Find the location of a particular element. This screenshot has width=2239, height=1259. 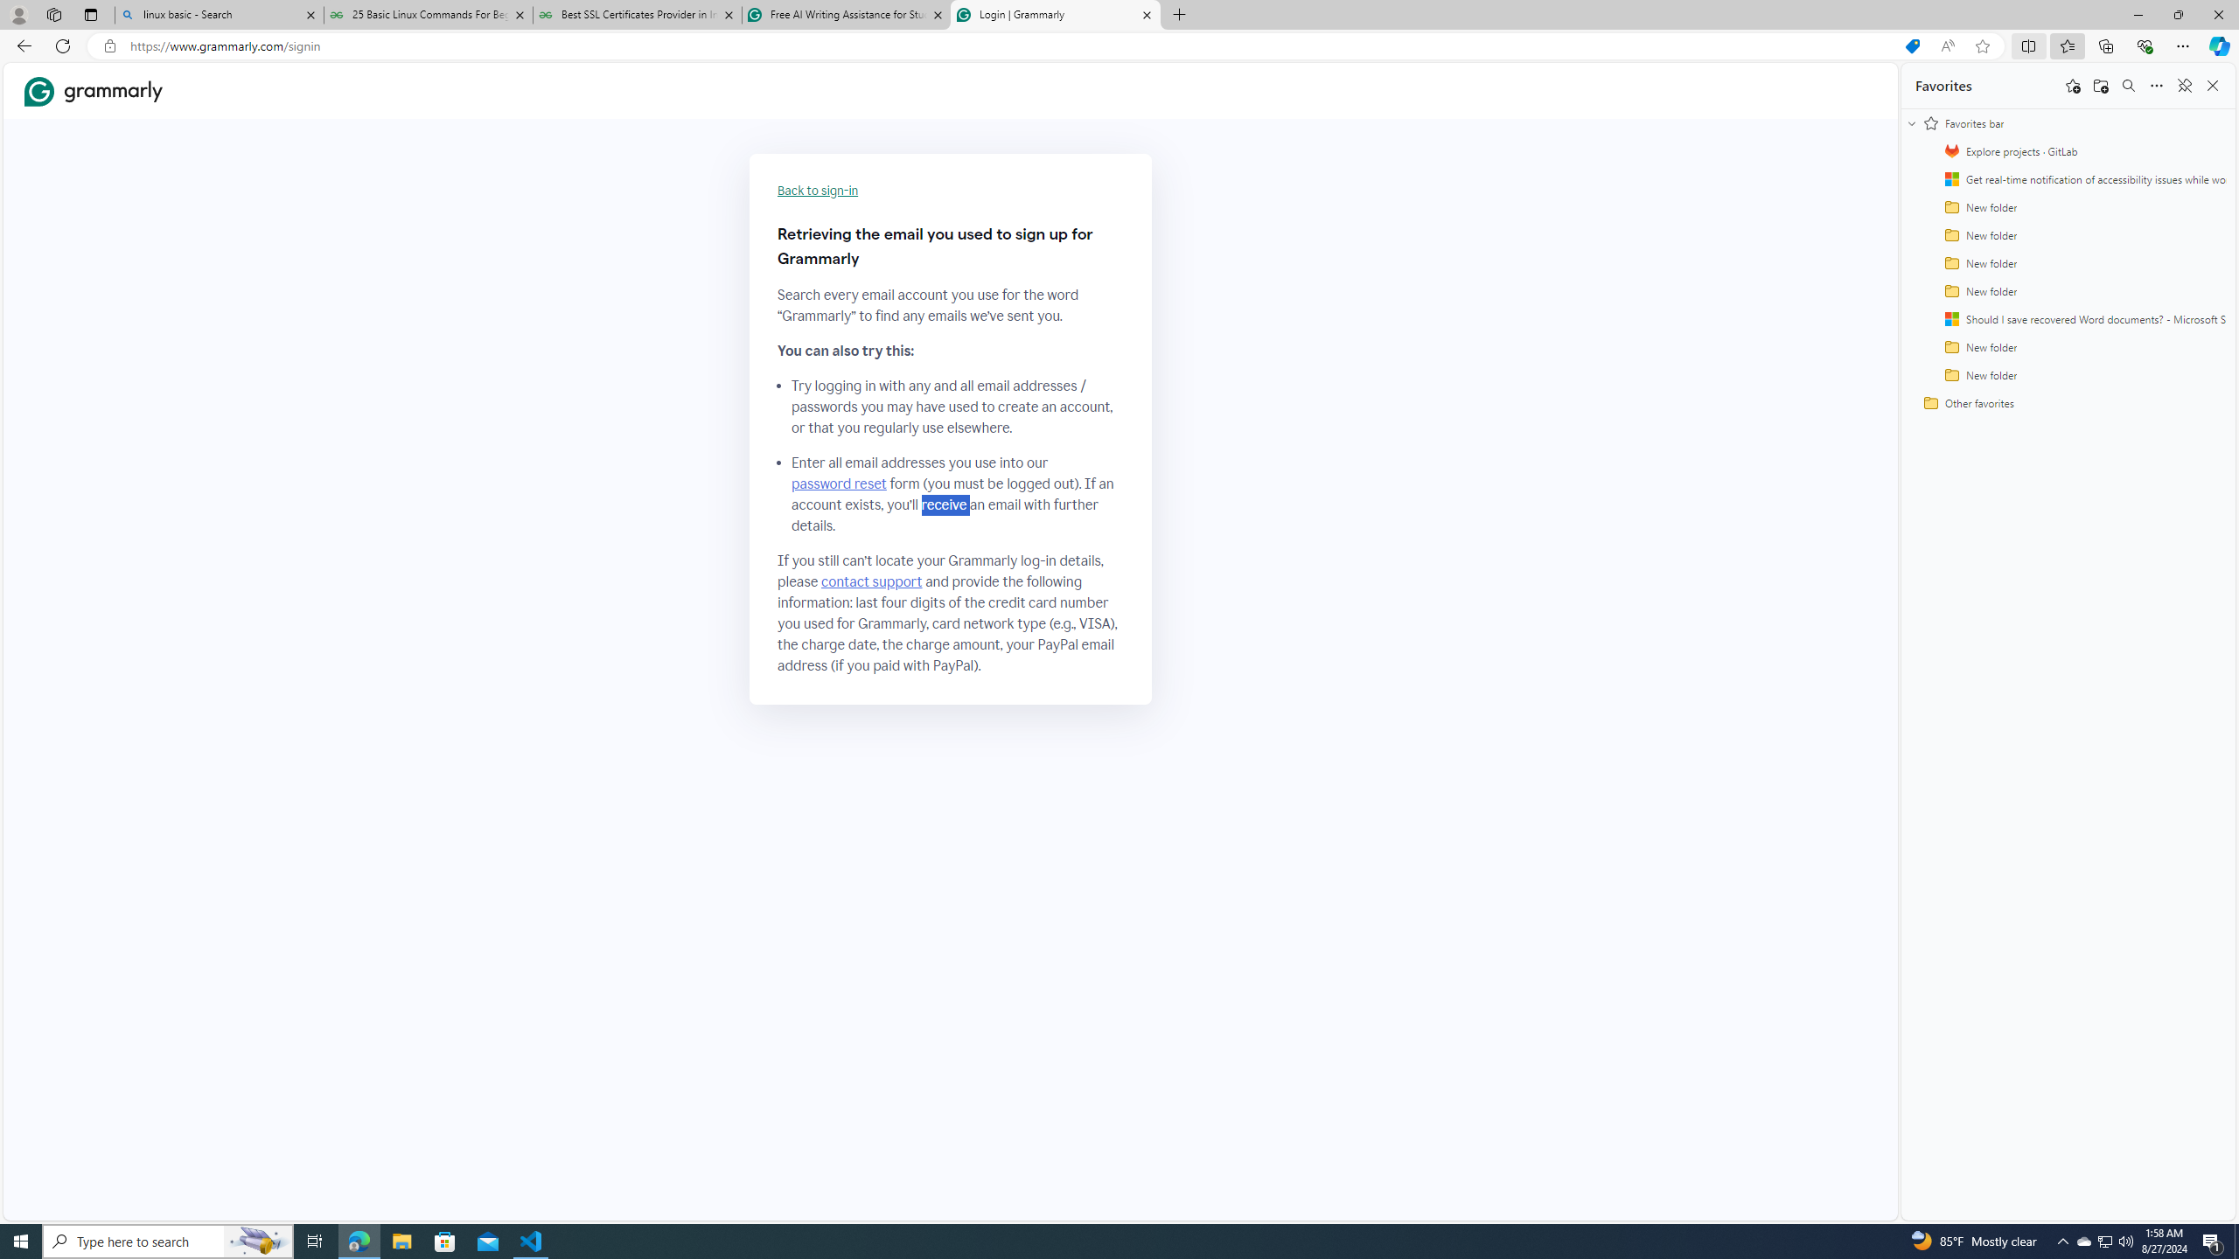

'Search favorites' is located at coordinates (2128, 84).